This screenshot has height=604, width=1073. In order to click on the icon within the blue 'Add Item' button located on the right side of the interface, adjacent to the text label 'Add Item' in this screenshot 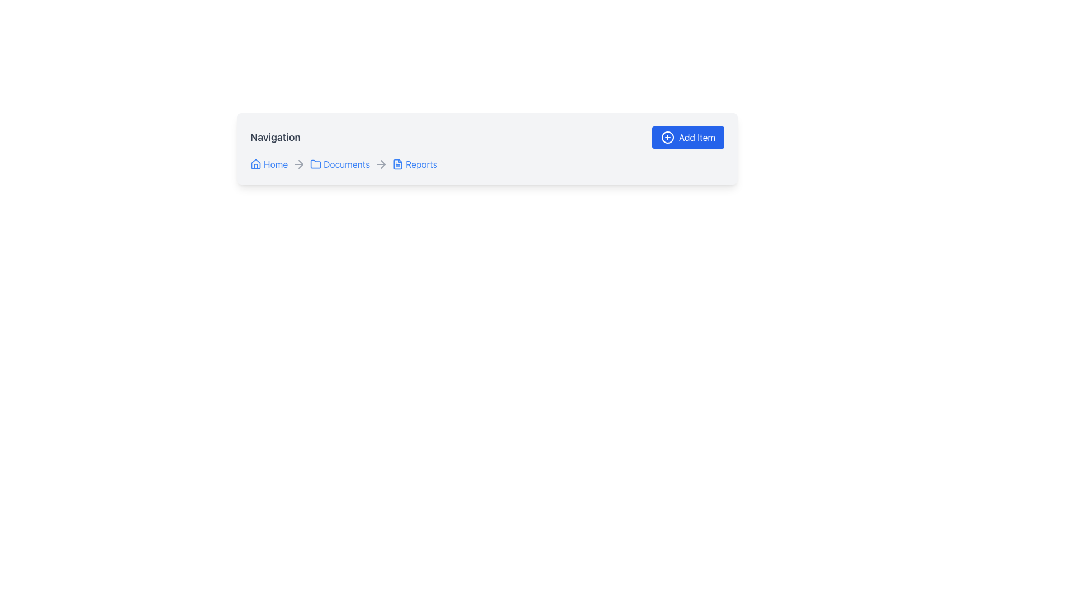, I will do `click(668, 137)`.